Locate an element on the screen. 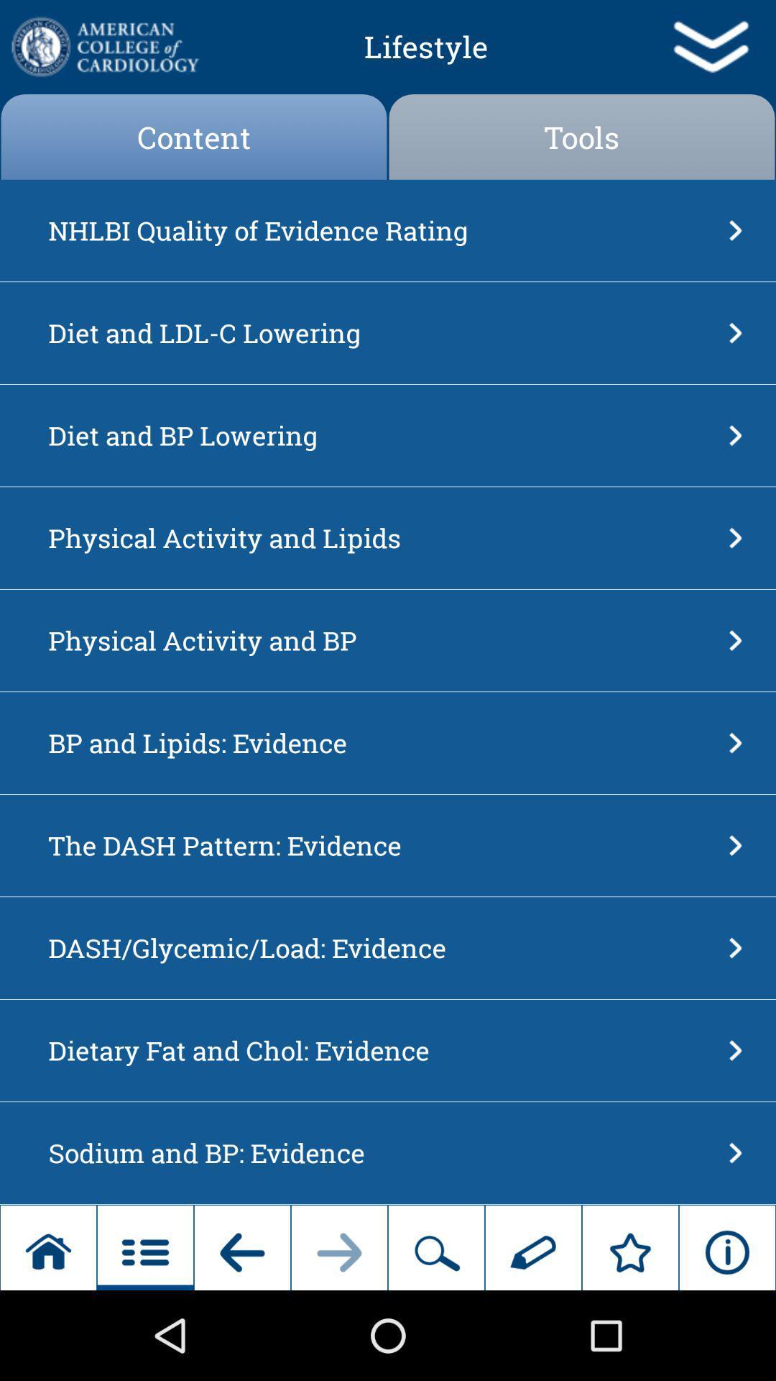  collapse menu is located at coordinates (709, 47).